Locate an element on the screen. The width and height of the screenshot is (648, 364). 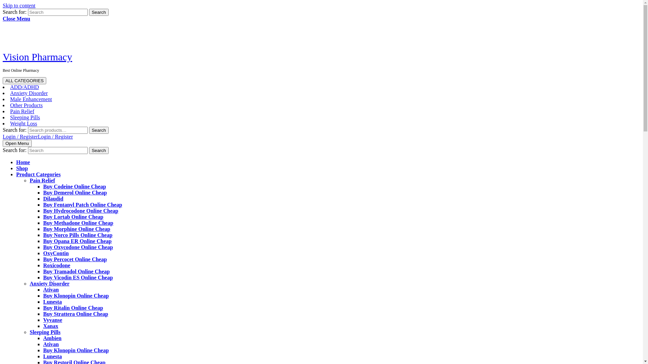
'Search' is located at coordinates (89, 150).